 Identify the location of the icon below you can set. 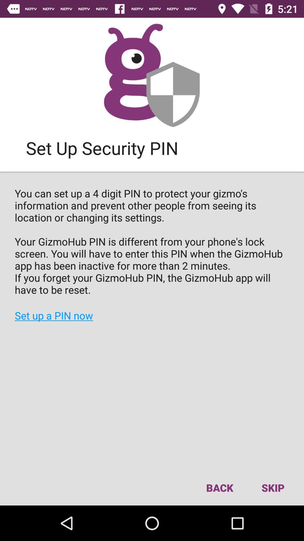
(219, 487).